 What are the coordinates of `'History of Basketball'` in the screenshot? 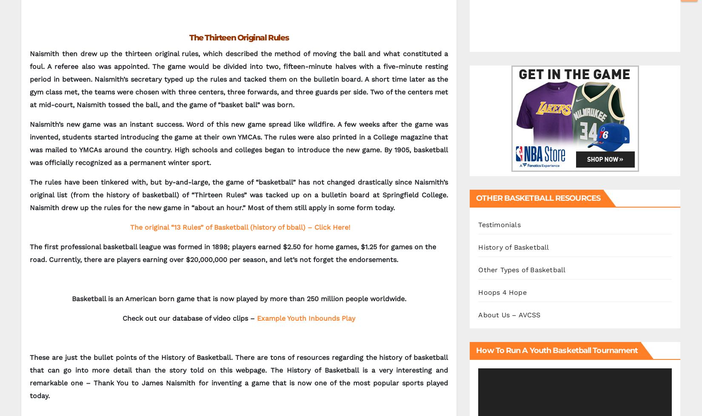 It's located at (513, 247).